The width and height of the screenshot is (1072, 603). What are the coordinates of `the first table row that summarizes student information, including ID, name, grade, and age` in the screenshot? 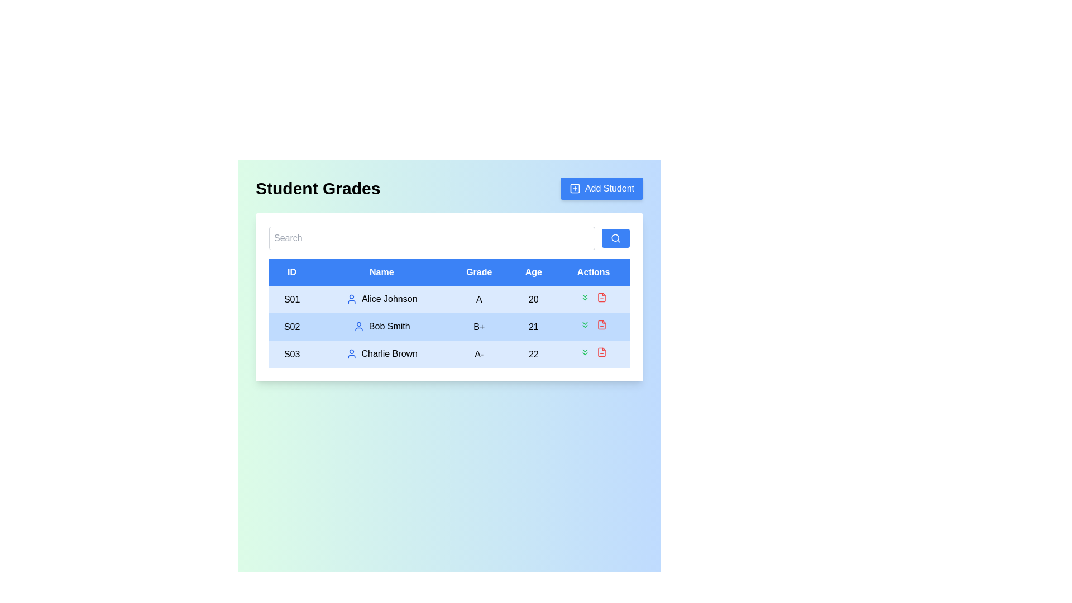 It's located at (449, 299).